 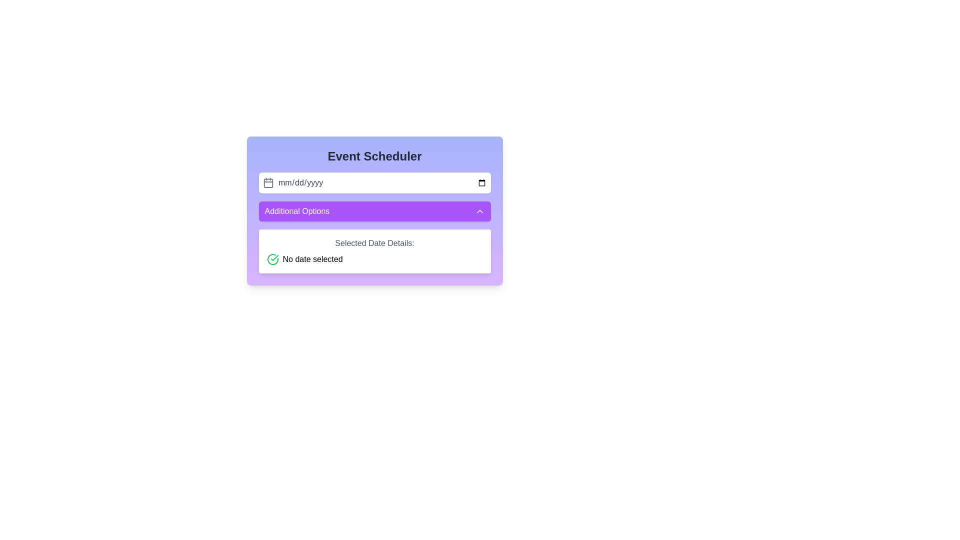 What do you see at coordinates (268, 183) in the screenshot?
I see `the calendar icon located at the start of the date input field with the placeholder 'mm/dd/yyyy', which is inside a white shadowed box` at bounding box center [268, 183].